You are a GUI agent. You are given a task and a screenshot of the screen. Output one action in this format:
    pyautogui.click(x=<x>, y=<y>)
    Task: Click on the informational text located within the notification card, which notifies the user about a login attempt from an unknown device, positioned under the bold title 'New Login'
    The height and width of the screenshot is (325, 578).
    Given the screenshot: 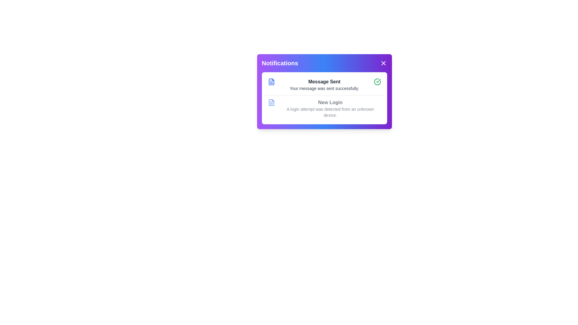 What is the action you would take?
    pyautogui.click(x=330, y=112)
    